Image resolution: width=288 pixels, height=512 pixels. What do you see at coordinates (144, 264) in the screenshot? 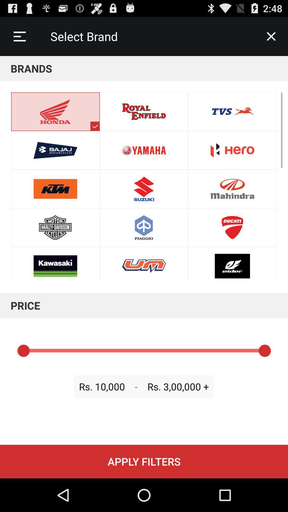
I see `the logo beside kawasaki icon` at bounding box center [144, 264].